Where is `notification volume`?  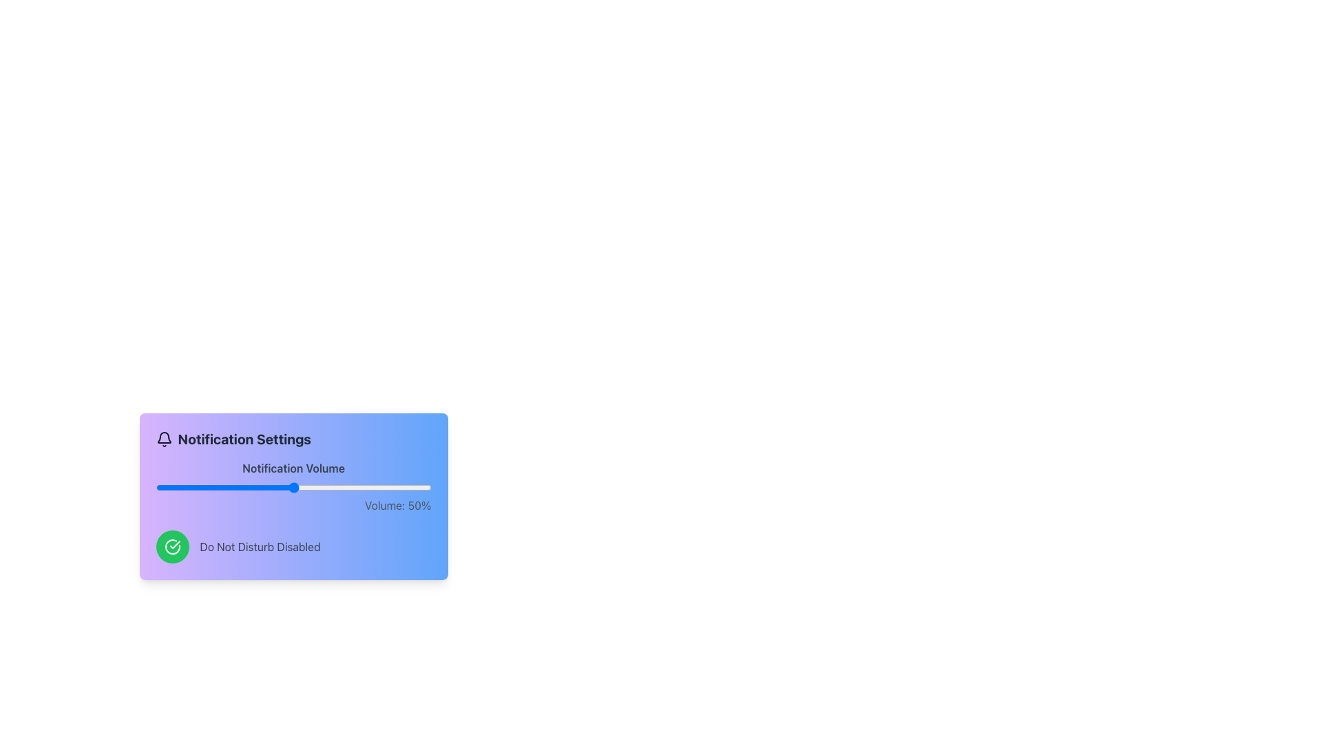
notification volume is located at coordinates (161, 487).